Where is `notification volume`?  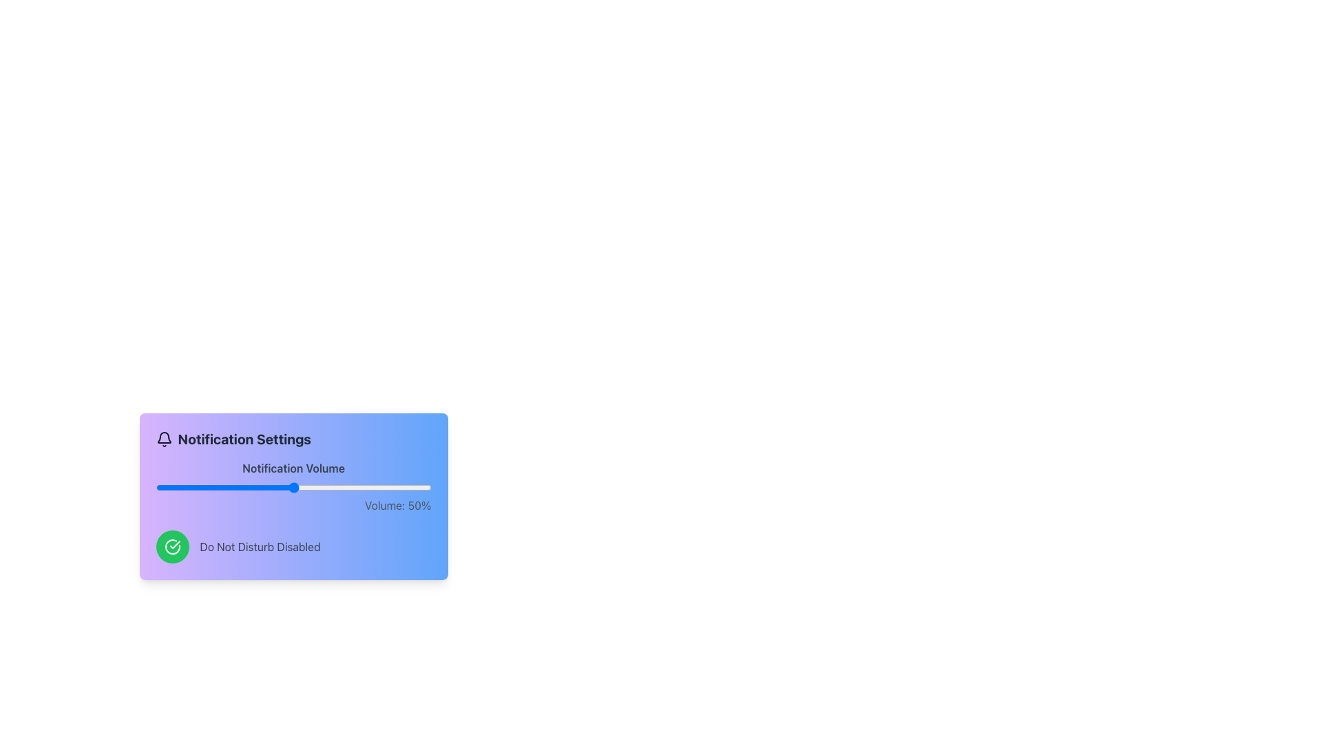
notification volume is located at coordinates (161, 487).